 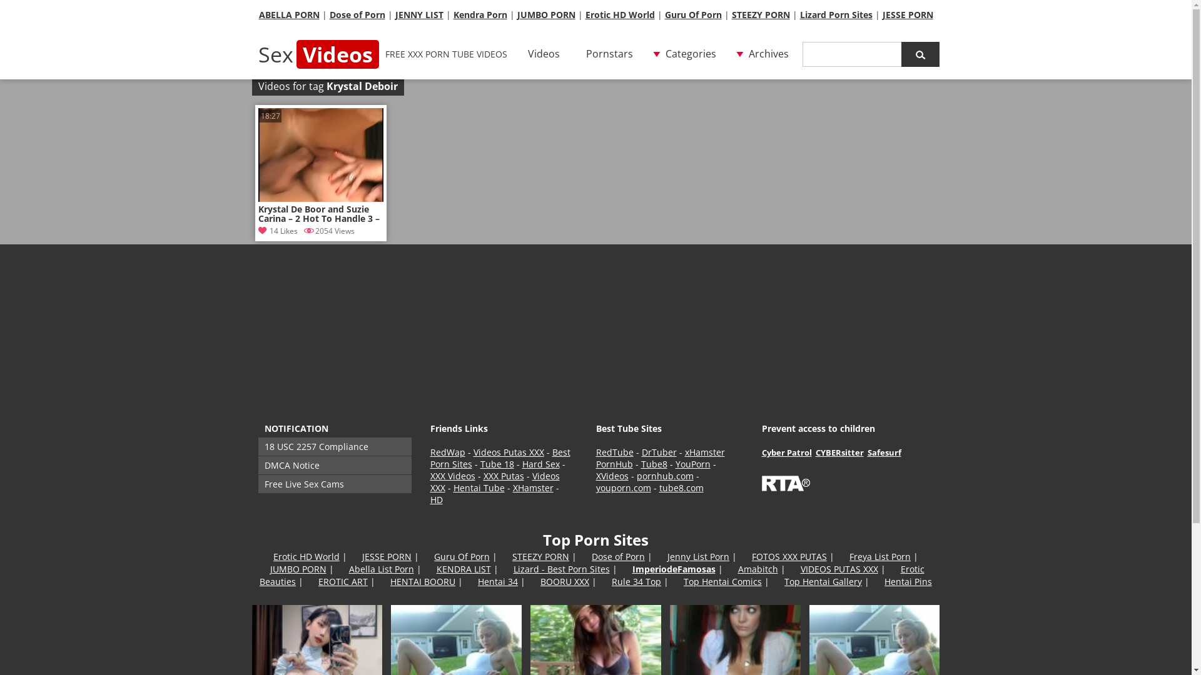 I want to click on 'Amabitch', so click(x=738, y=569).